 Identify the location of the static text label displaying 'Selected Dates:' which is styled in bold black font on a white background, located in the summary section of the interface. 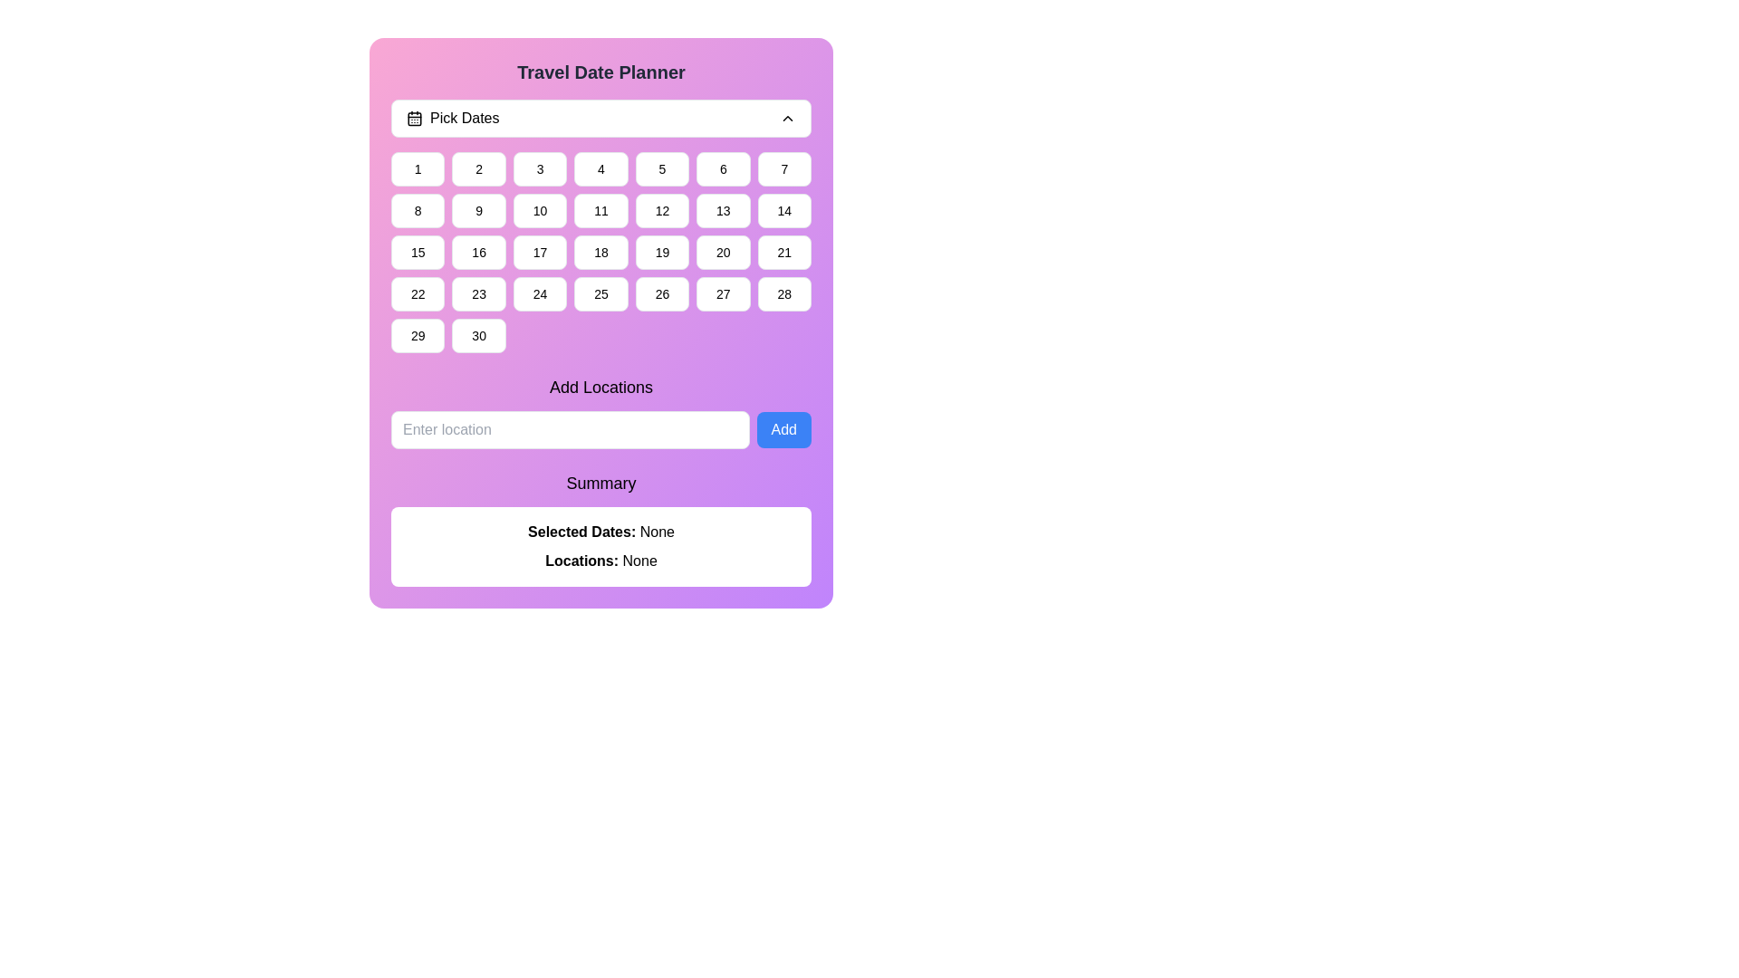
(583, 531).